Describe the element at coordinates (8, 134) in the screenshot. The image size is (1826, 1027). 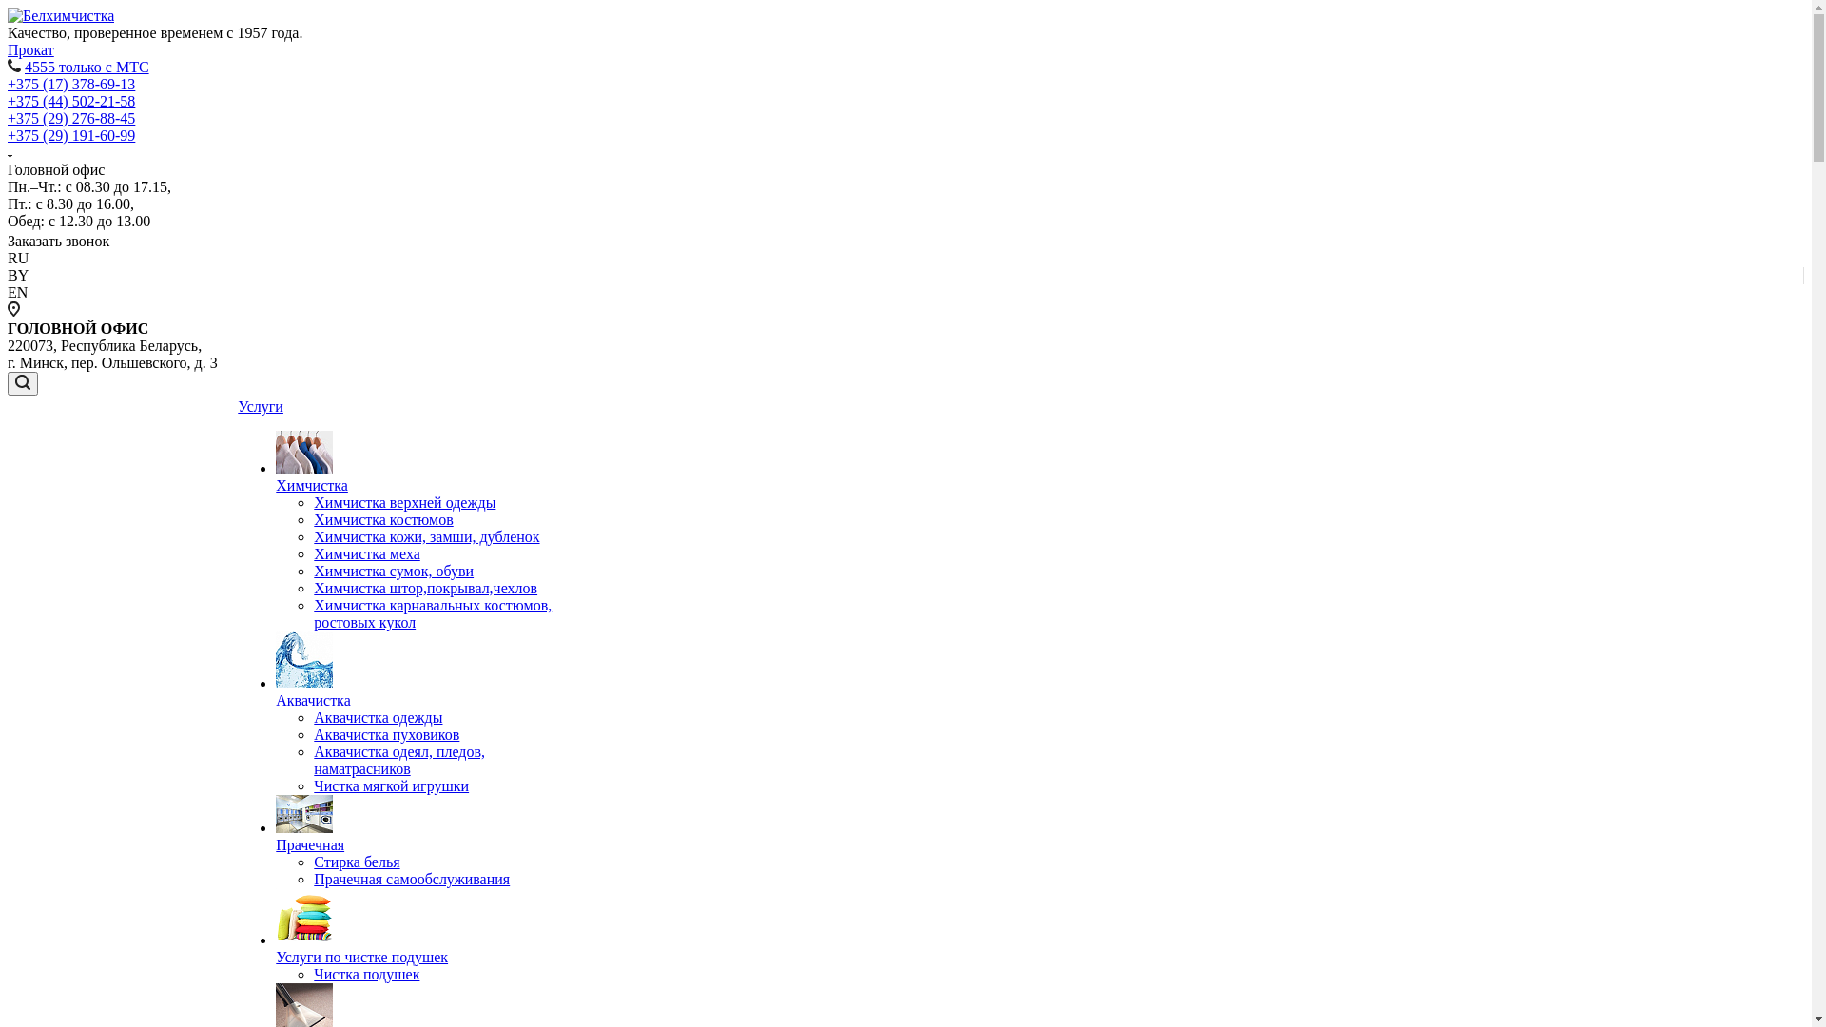
I see `'+375 (29) 191-60-99'` at that location.